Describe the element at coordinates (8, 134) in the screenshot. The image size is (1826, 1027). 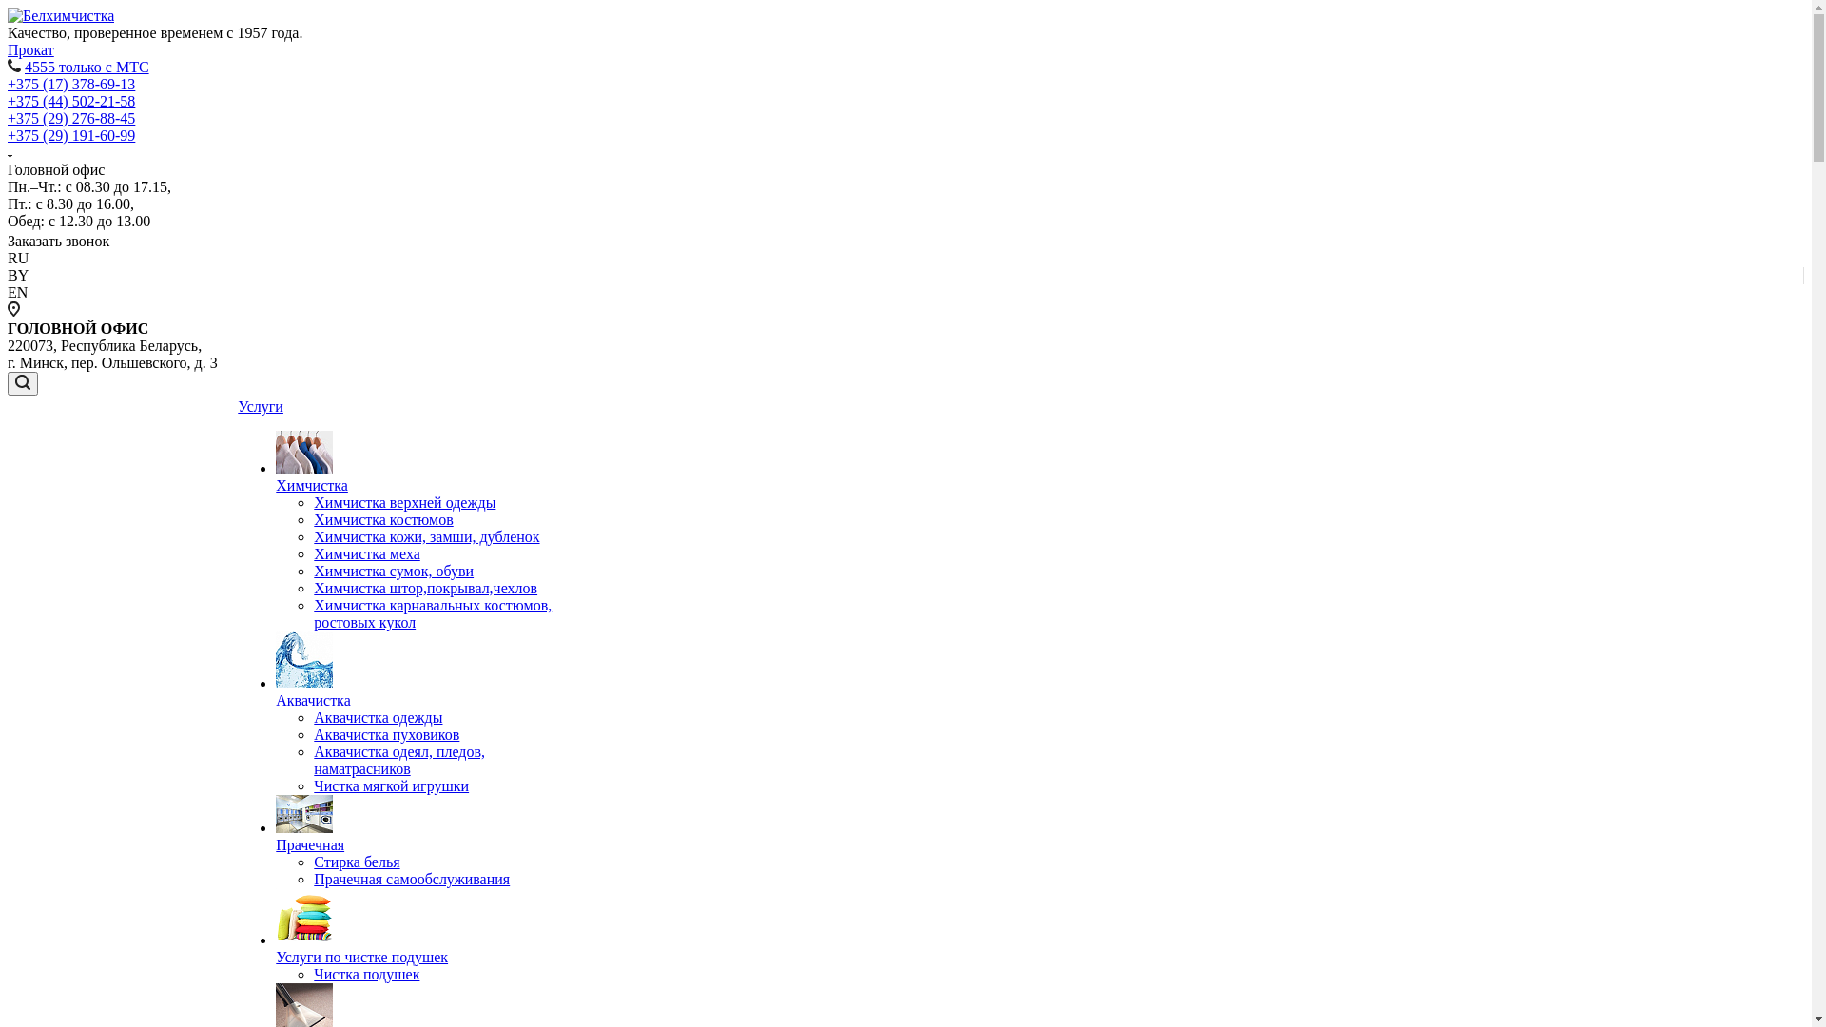
I see `'+375 (29) 191-60-99'` at that location.